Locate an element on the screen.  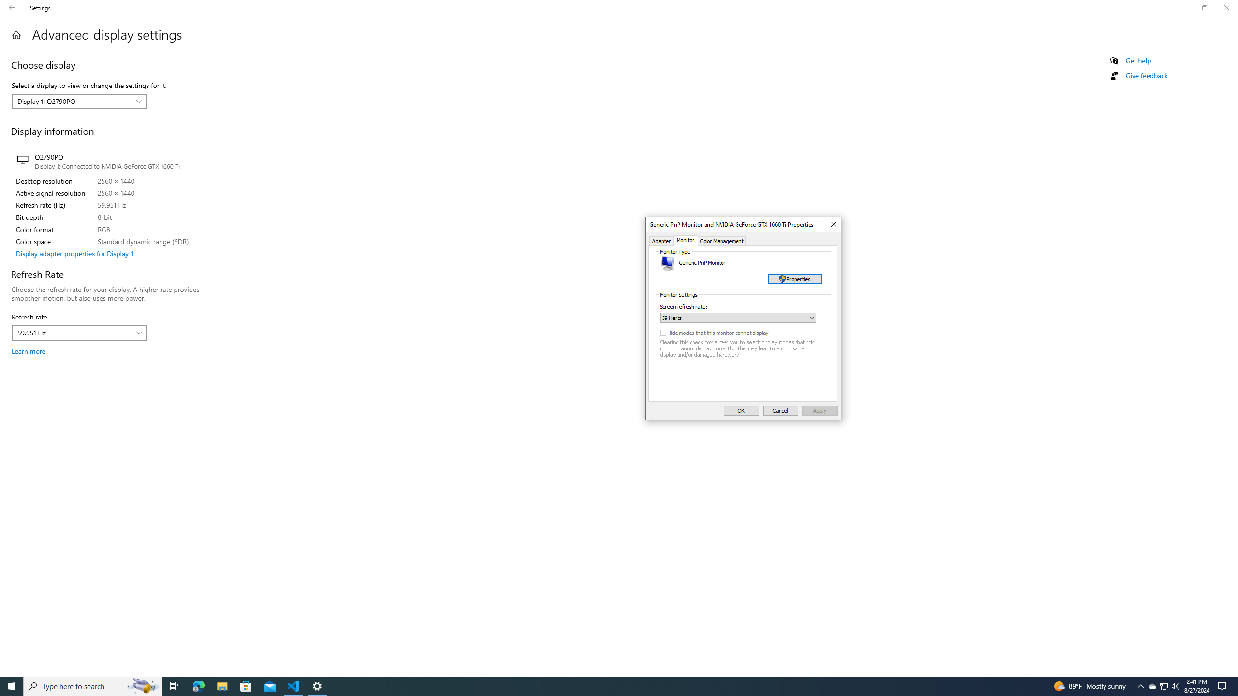
'OK' is located at coordinates (741, 410).